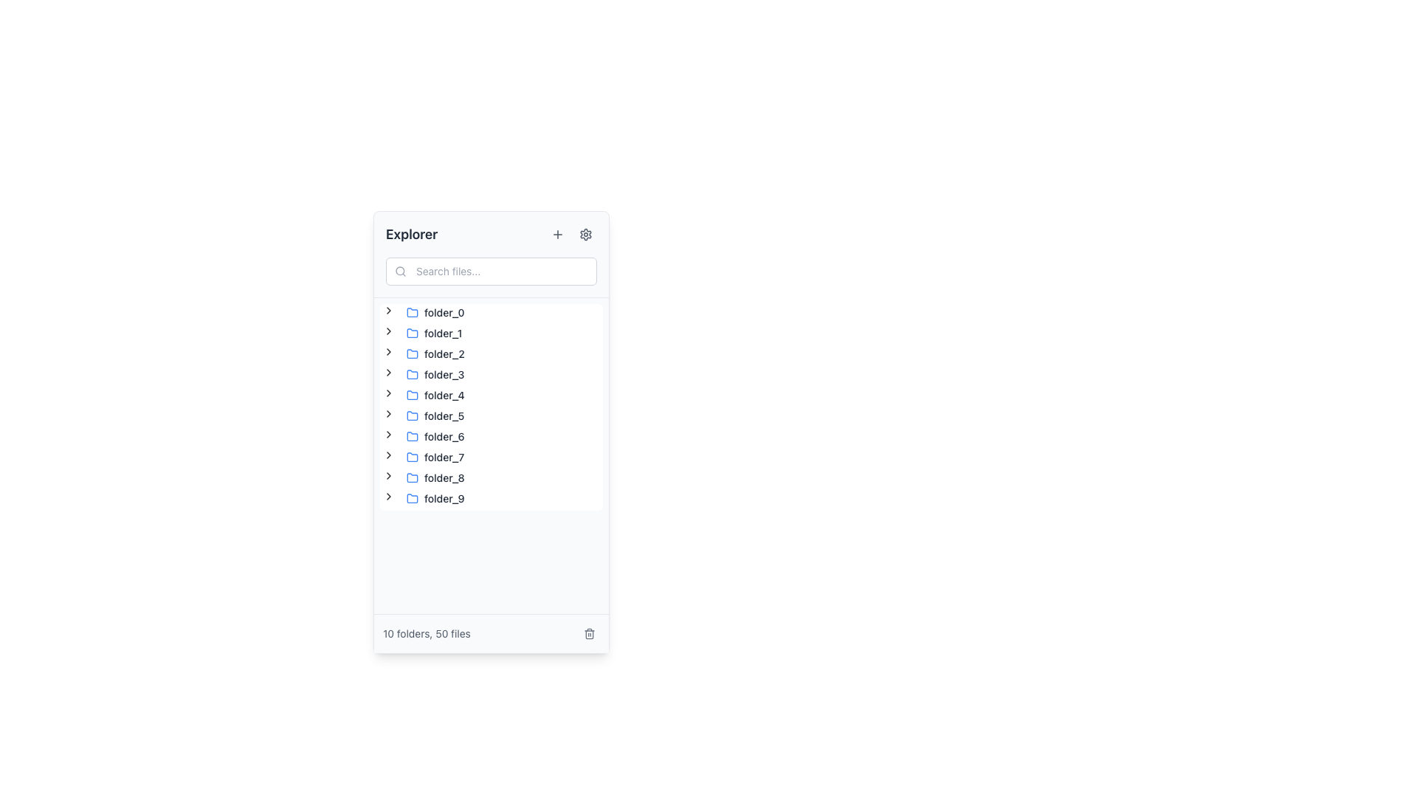 Image resolution: width=1417 pixels, height=797 pixels. Describe the element at coordinates (424, 353) in the screenshot. I see `the third folder item in the file navigator` at that location.